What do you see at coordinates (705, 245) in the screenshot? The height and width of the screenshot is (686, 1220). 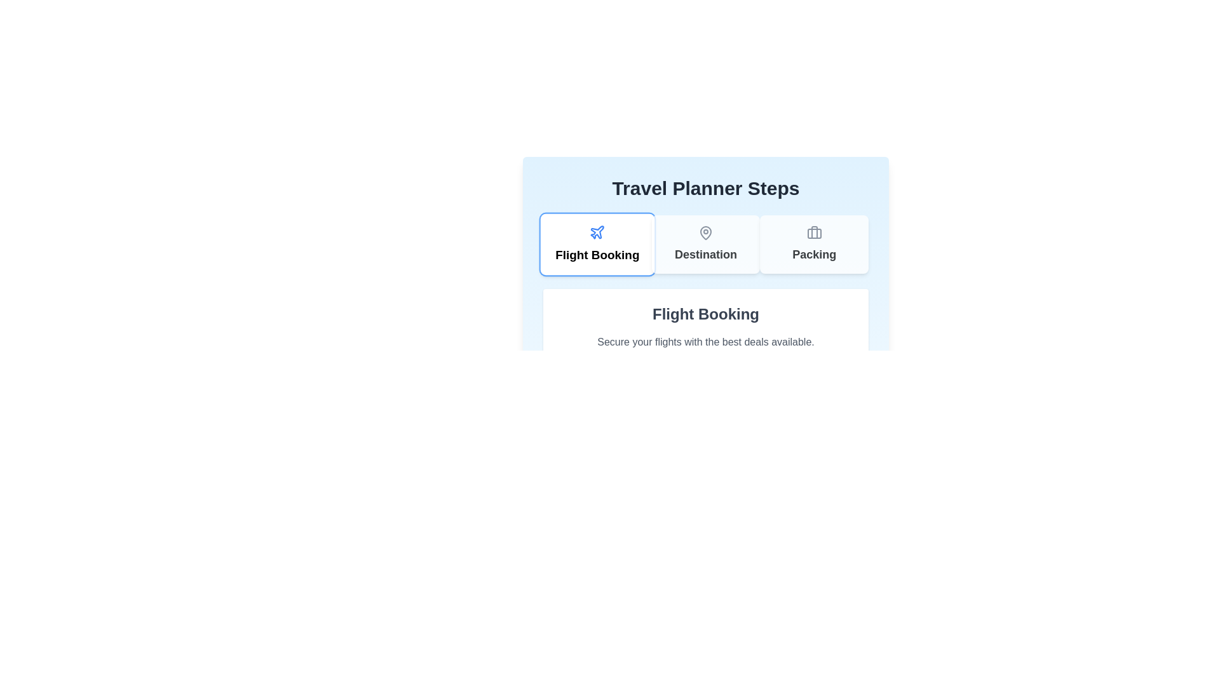 I see `the 'Destination' button in the travel planning interface, which is the second card in a horizontal row of three cards, located below the 'Travel Planner Steps' heading` at bounding box center [705, 245].